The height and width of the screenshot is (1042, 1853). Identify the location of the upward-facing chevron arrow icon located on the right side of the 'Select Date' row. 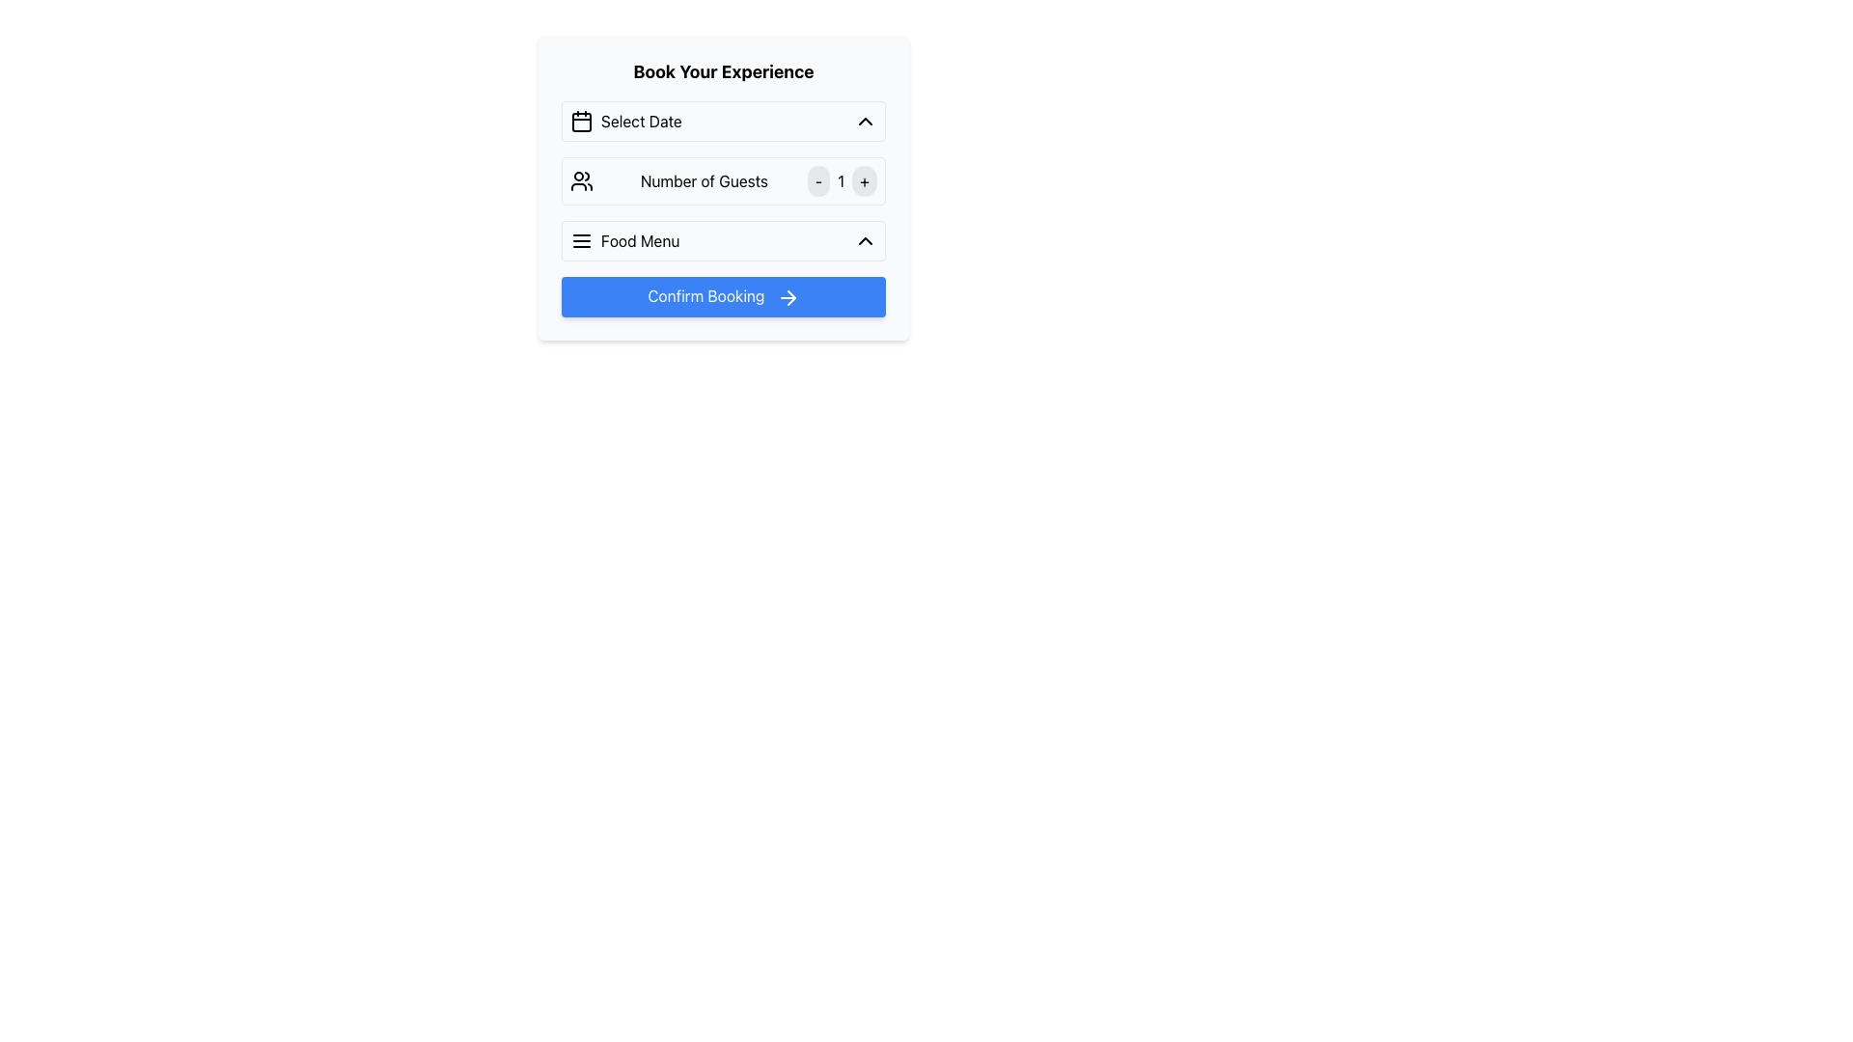
(865, 122).